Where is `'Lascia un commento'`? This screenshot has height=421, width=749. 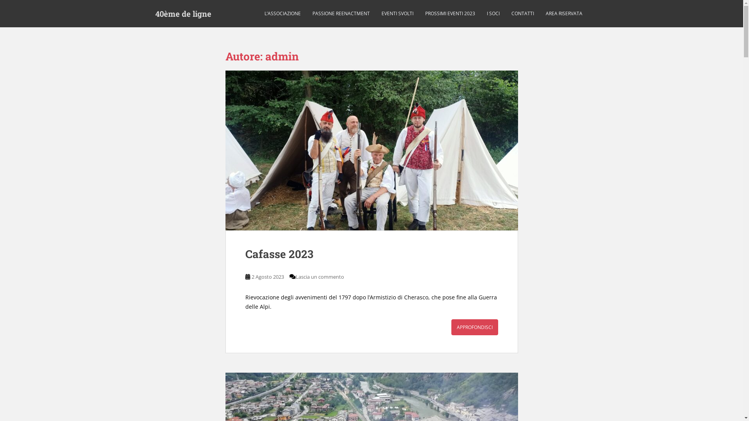 'Lascia un commento' is located at coordinates (320, 276).